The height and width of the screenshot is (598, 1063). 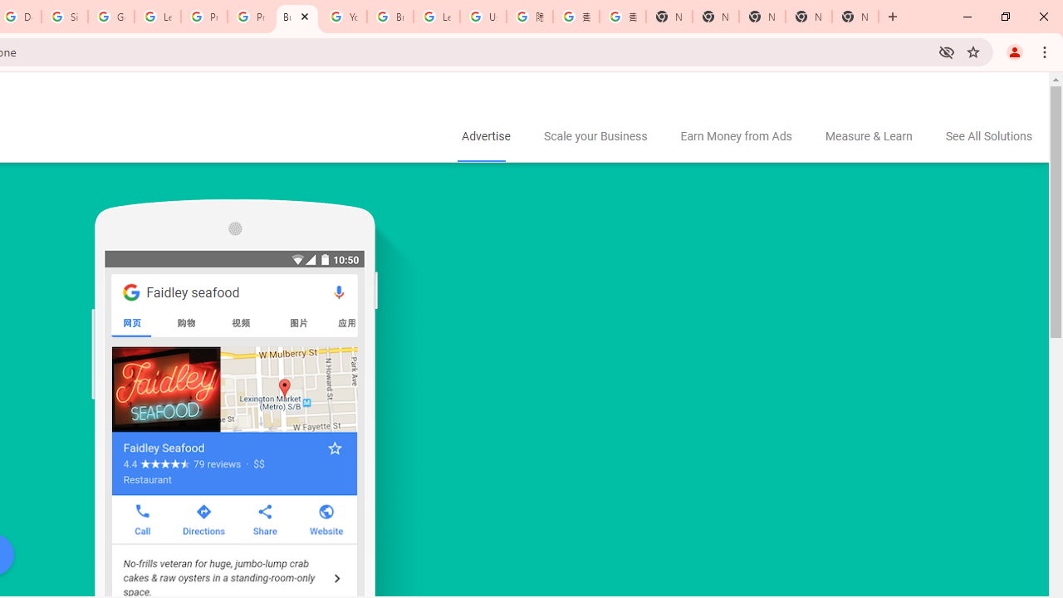 What do you see at coordinates (343, 17) in the screenshot?
I see `'YouTube'` at bounding box center [343, 17].